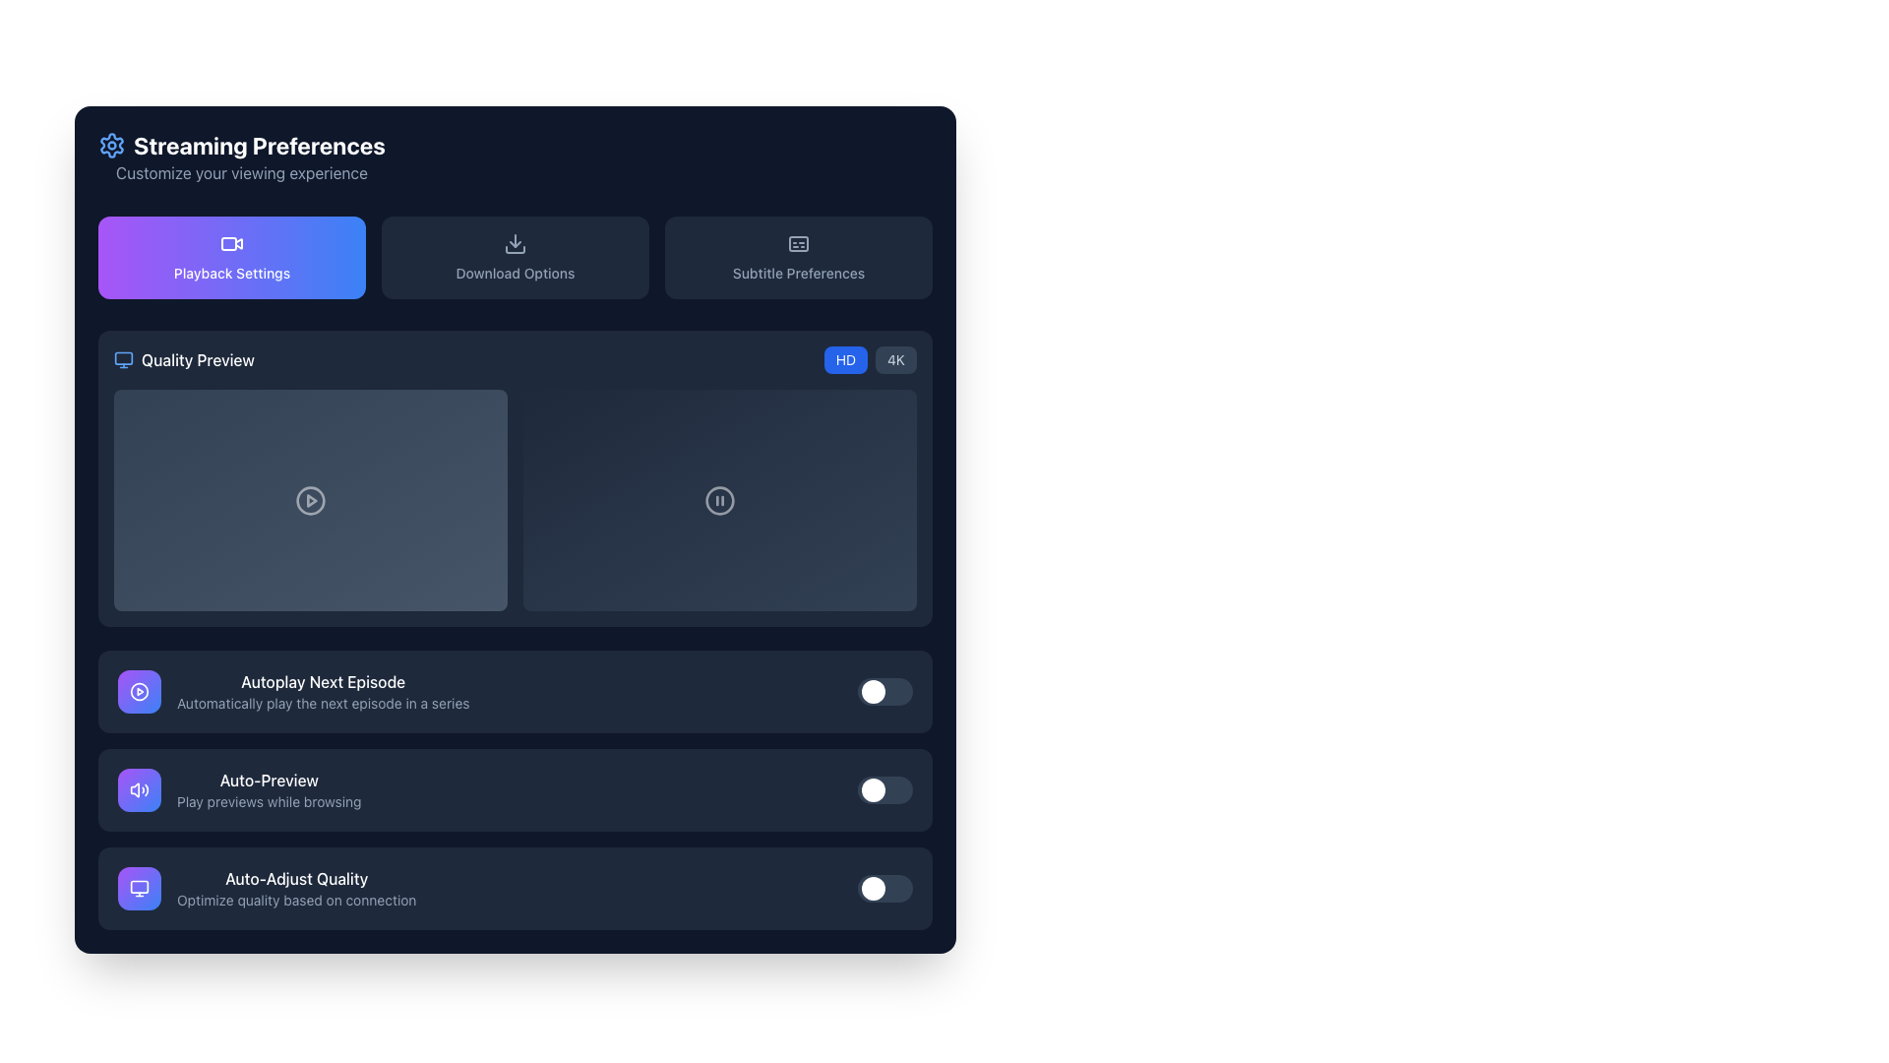 This screenshot has width=1889, height=1063. Describe the element at coordinates (515, 888) in the screenshot. I see `the toggle switch located on the far-right edge of the third setting panel in the 'Streaming Preferences' section` at that location.